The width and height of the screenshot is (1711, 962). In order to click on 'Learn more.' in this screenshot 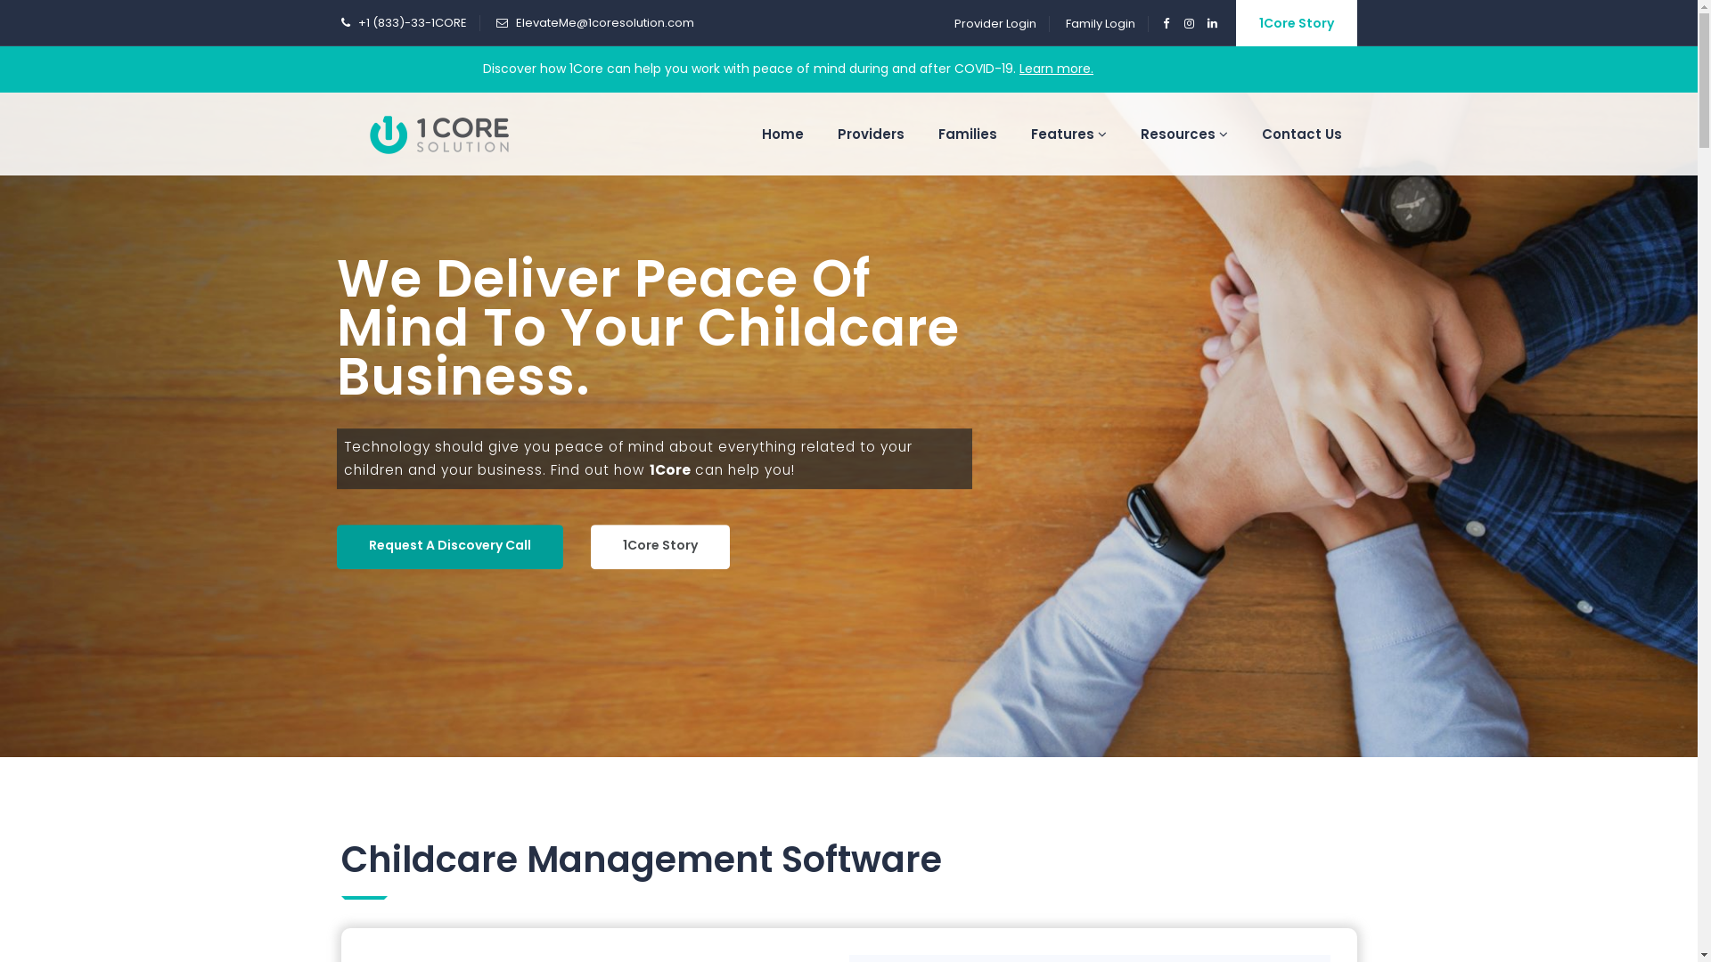, I will do `click(1056, 68)`.